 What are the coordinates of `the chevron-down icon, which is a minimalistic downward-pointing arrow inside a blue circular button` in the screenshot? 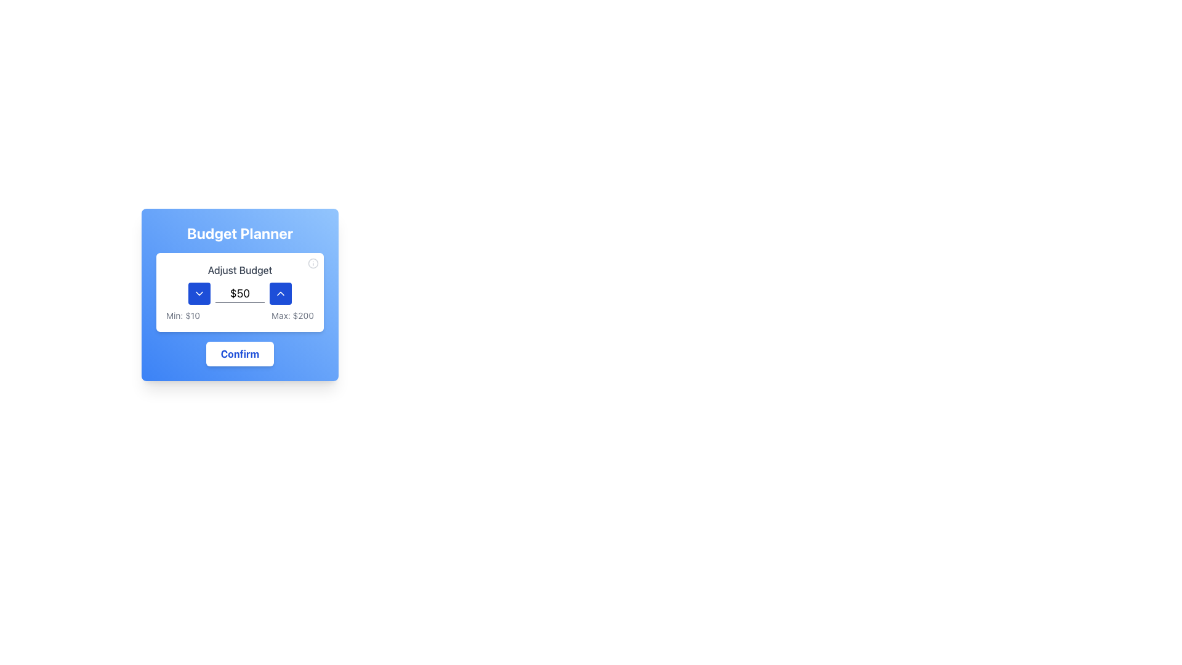 It's located at (199, 294).